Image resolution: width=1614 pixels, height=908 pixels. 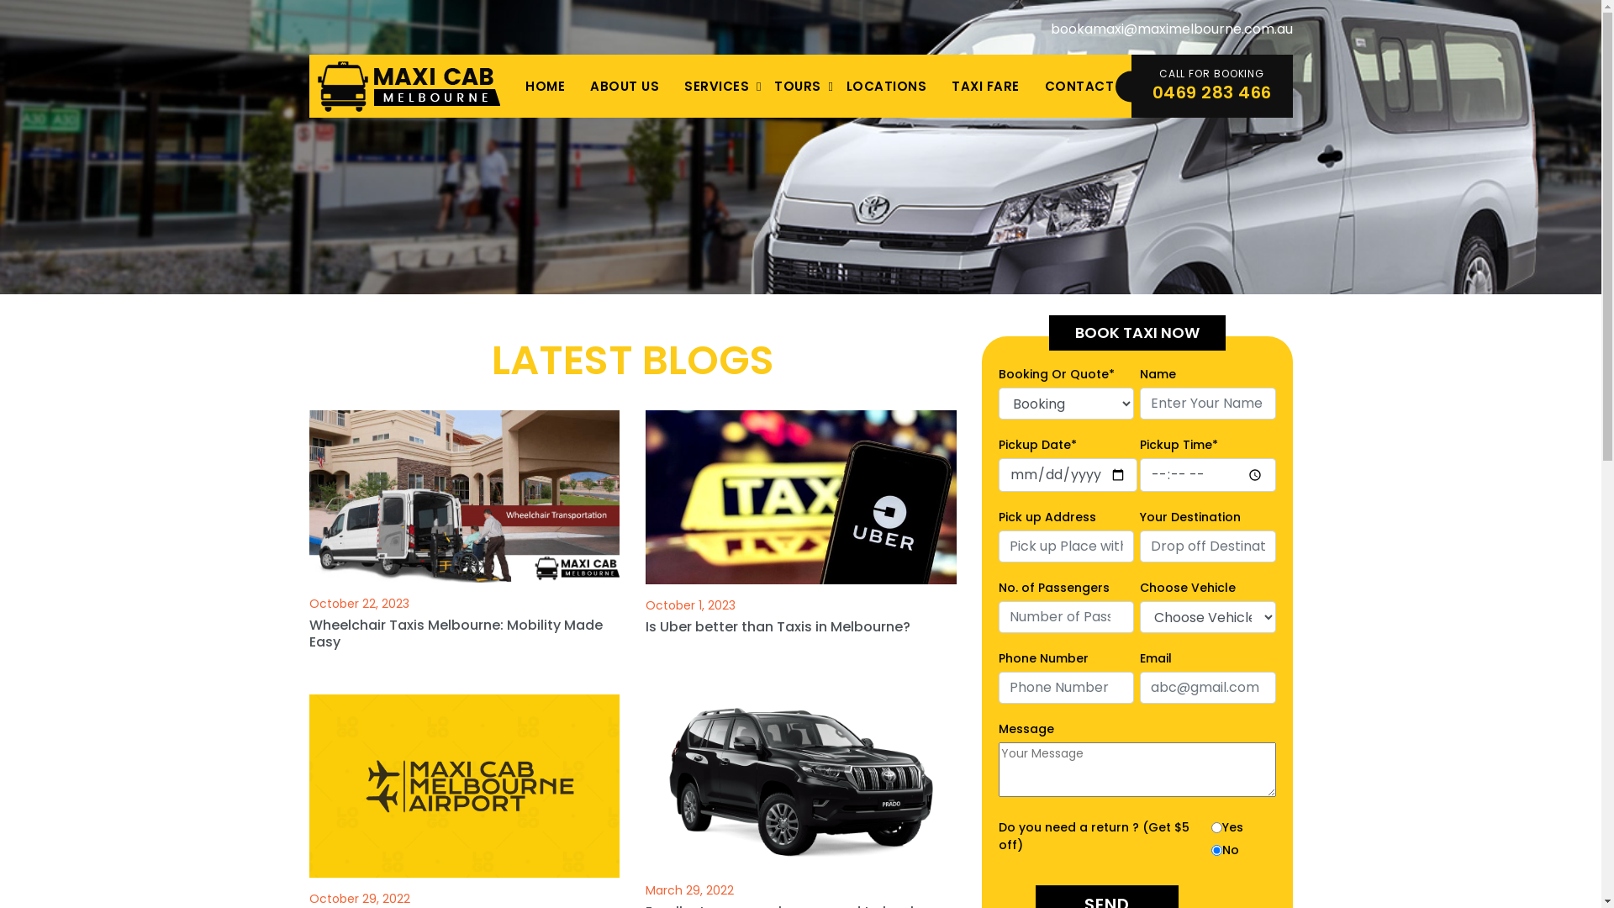 What do you see at coordinates (624, 86) in the screenshot?
I see `'ABOUT US'` at bounding box center [624, 86].